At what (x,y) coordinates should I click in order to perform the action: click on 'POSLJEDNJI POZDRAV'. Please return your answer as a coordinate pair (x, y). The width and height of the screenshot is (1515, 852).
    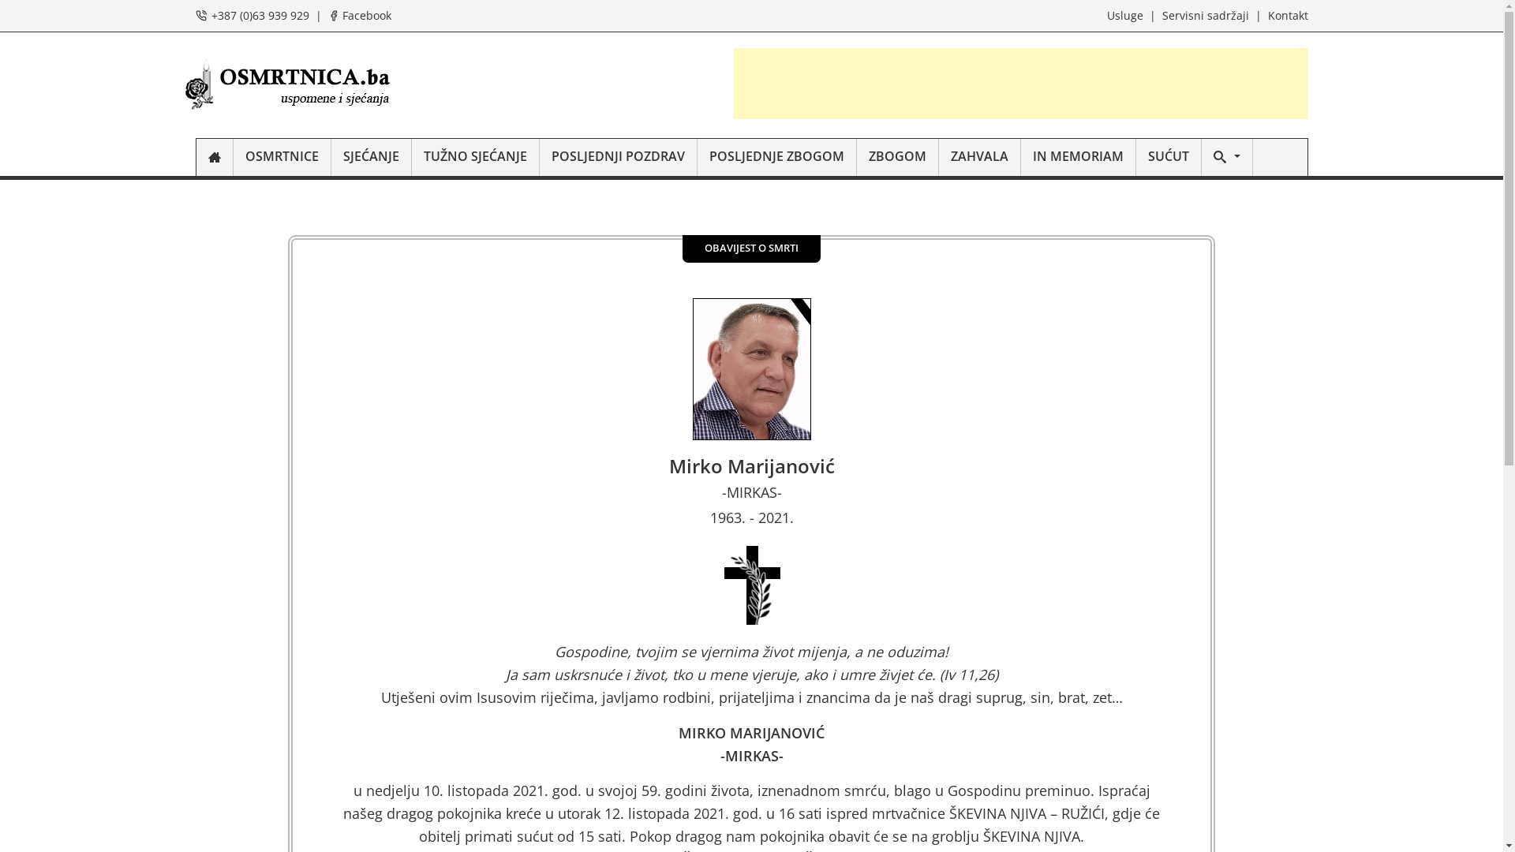
    Looking at the image, I should click on (617, 157).